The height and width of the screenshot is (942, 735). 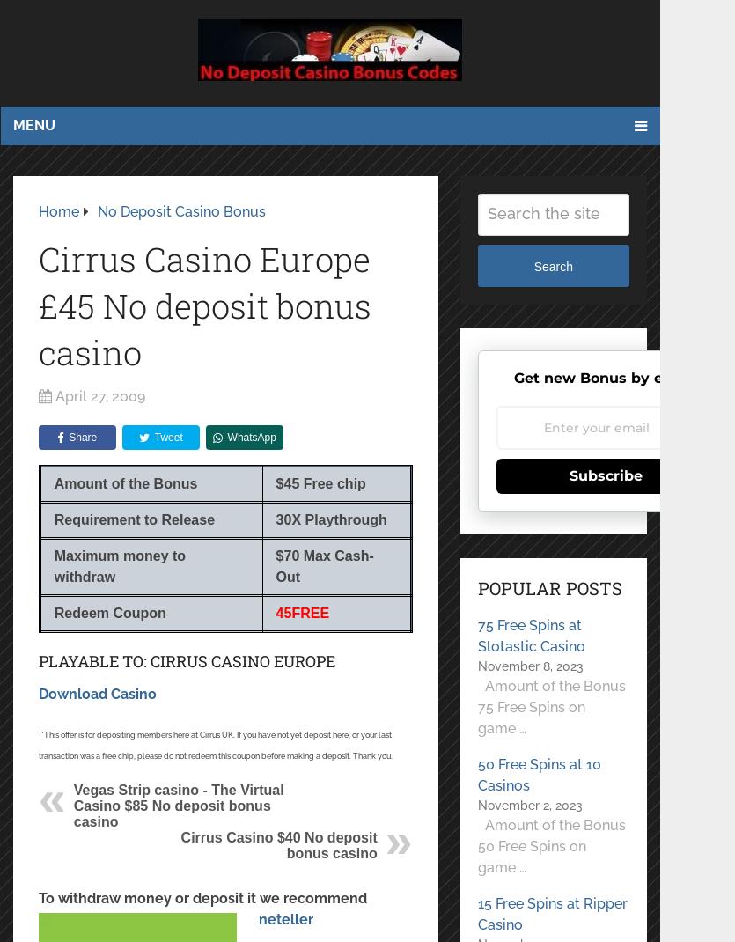 What do you see at coordinates (180, 210) in the screenshot?
I see `'No Deposit Casino Bonus'` at bounding box center [180, 210].